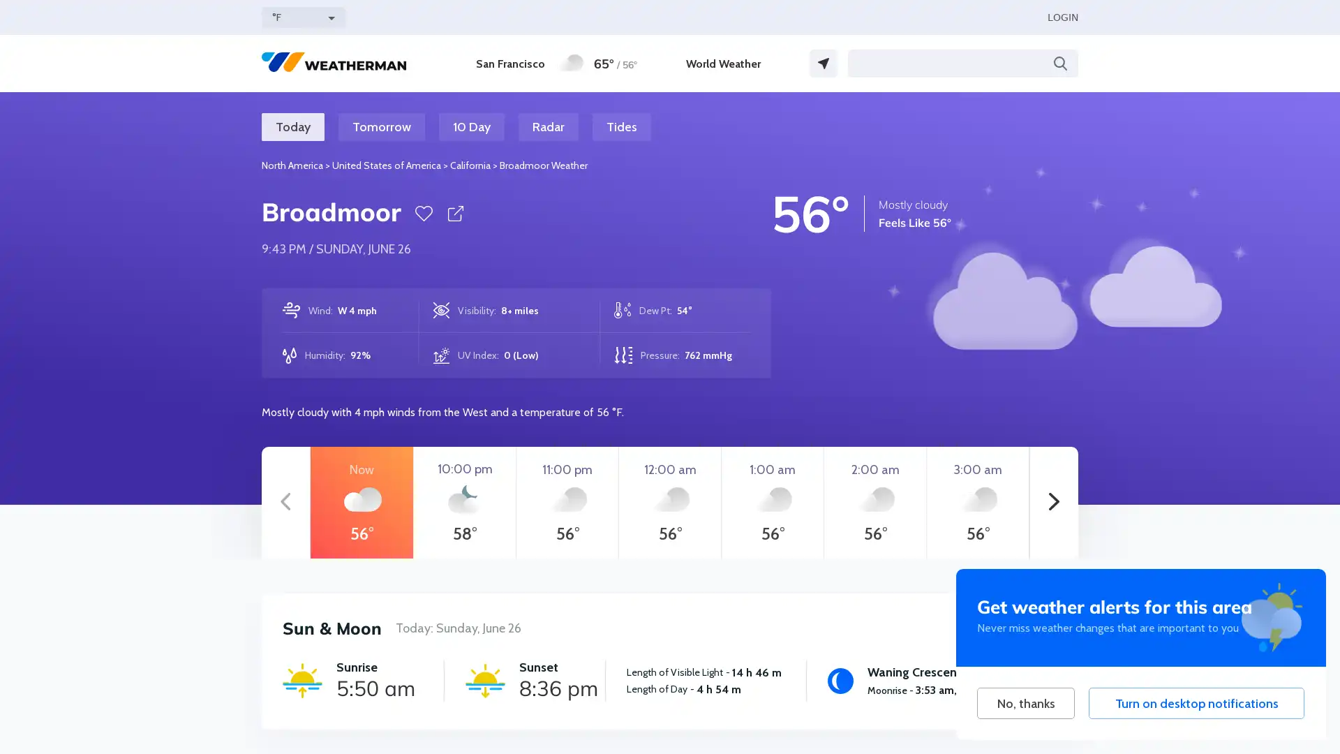 This screenshot has width=1340, height=754. What do you see at coordinates (285, 503) in the screenshot?
I see `Previous hours` at bounding box center [285, 503].